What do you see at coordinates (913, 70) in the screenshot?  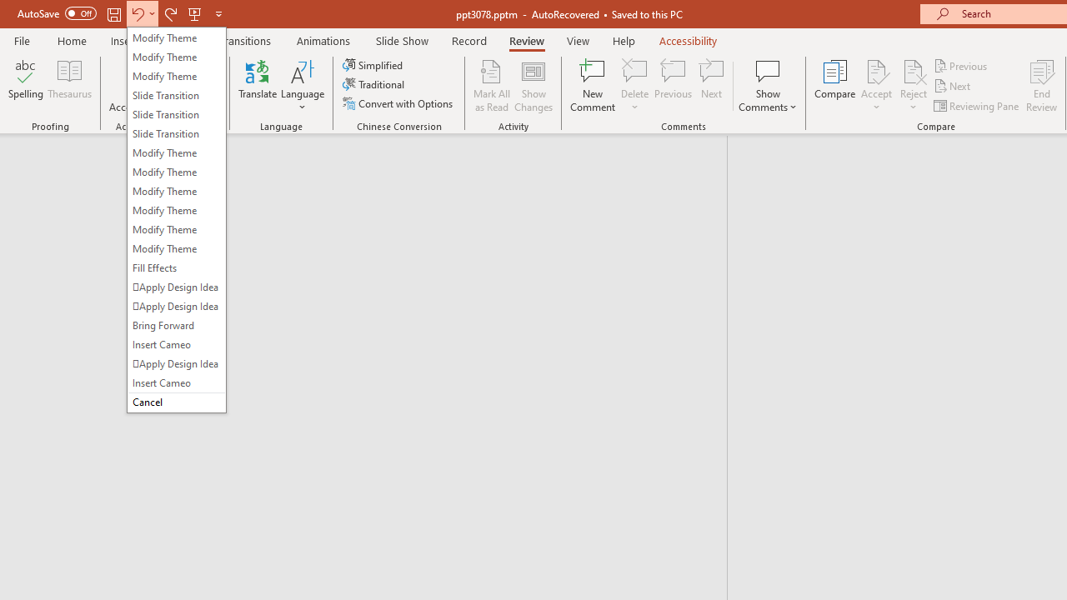 I see `'Reject Change'` at bounding box center [913, 70].